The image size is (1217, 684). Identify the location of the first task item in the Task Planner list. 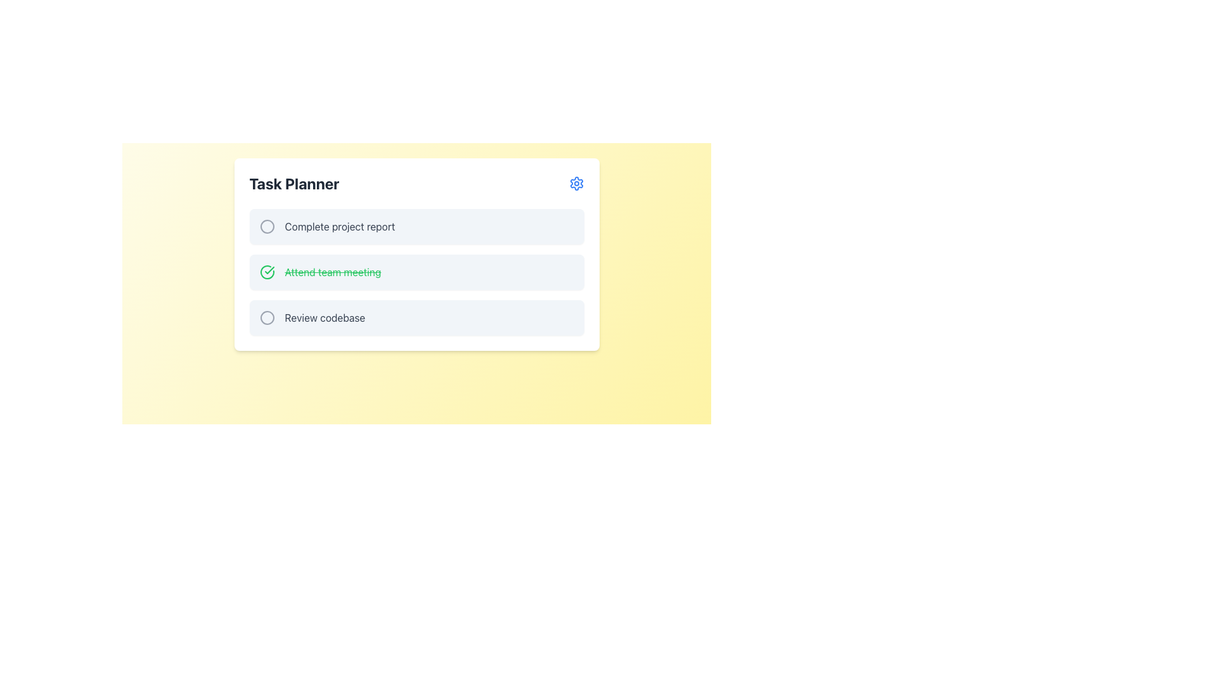
(416, 226).